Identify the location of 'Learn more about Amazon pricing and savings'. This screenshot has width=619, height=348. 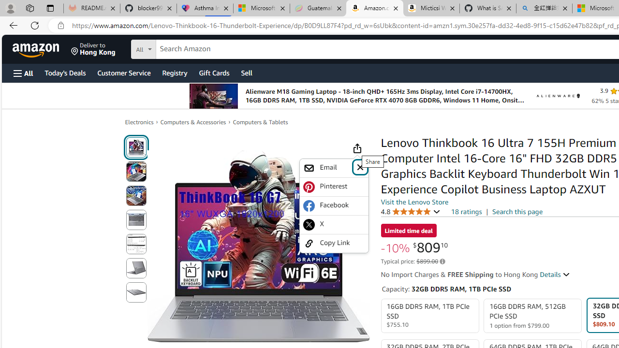
(442, 261).